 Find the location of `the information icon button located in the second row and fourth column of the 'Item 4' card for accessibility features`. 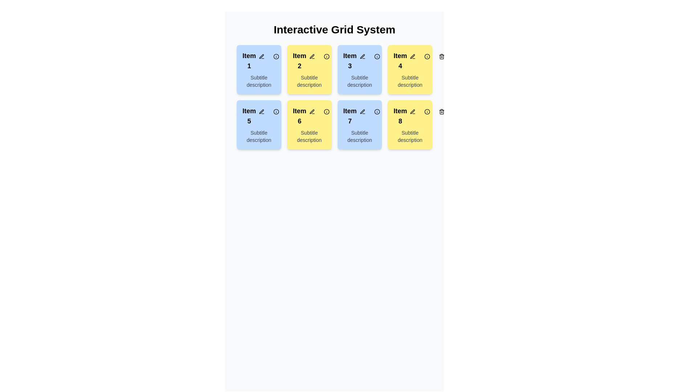

the information icon button located in the second row and fourth column of the 'Item 4' card for accessibility features is located at coordinates (427, 56).